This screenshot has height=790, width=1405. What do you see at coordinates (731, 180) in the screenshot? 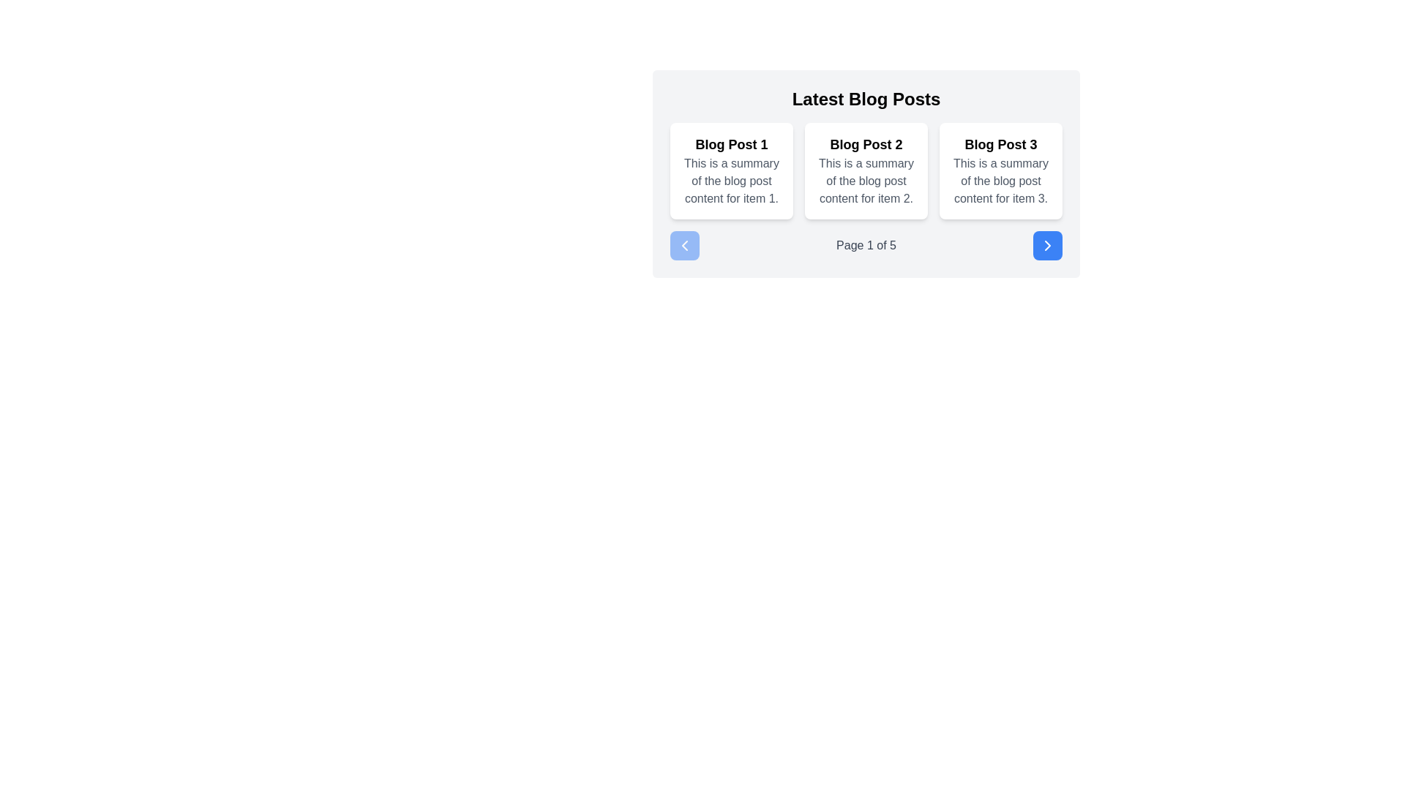
I see `the text label displaying 'This is a summary of the blog post content for item 1.' located within the card titled 'Blog Post 1'` at bounding box center [731, 180].